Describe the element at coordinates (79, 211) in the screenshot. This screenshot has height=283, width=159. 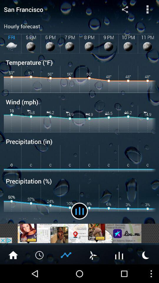
I see `the item to the right of the humidity (%) app` at that location.